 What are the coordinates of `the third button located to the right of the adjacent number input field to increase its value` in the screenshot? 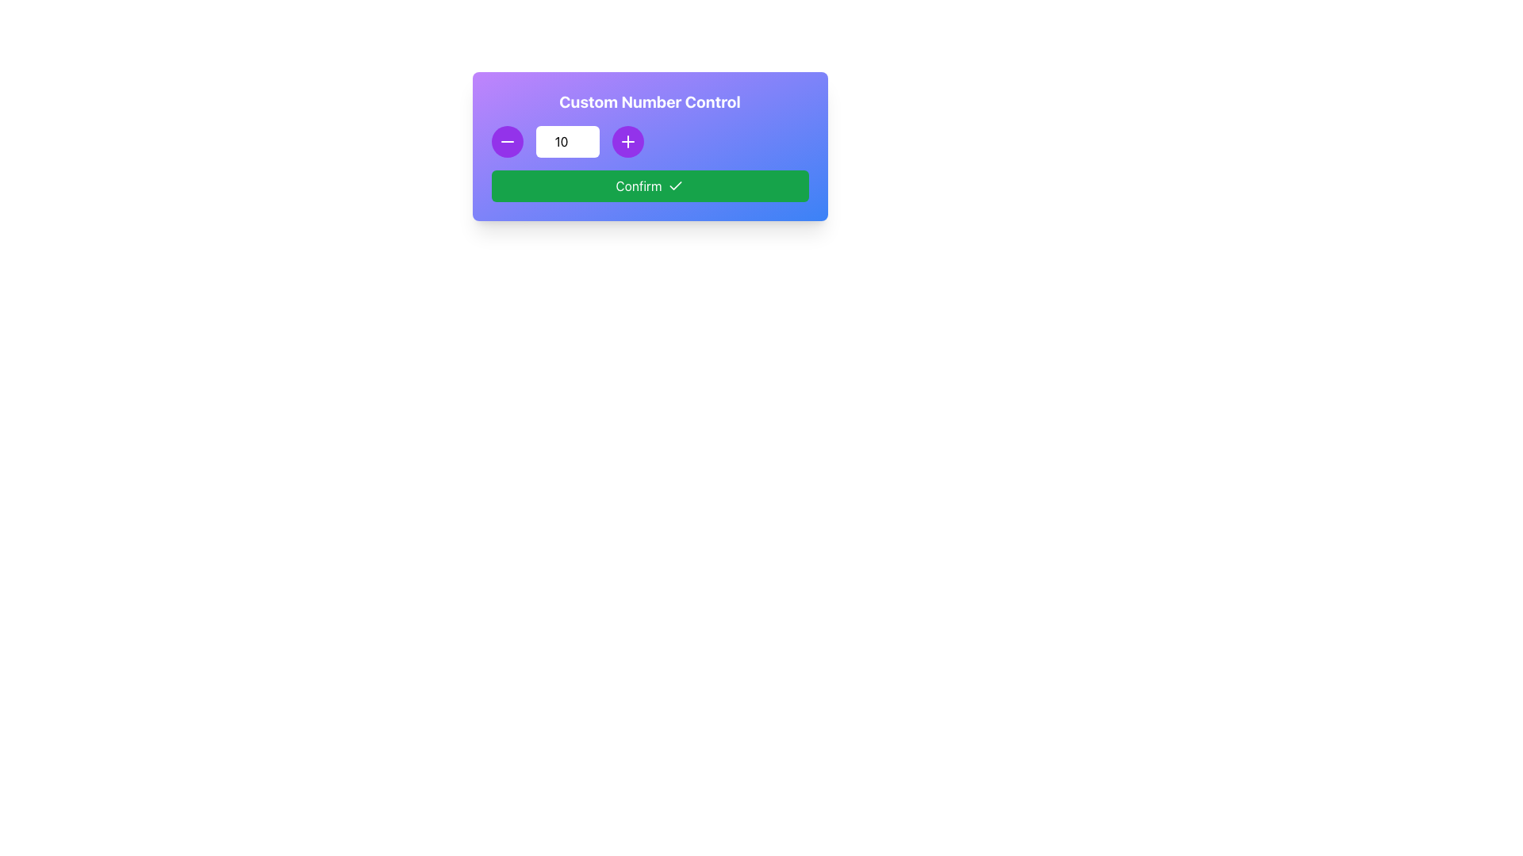 It's located at (627, 140).